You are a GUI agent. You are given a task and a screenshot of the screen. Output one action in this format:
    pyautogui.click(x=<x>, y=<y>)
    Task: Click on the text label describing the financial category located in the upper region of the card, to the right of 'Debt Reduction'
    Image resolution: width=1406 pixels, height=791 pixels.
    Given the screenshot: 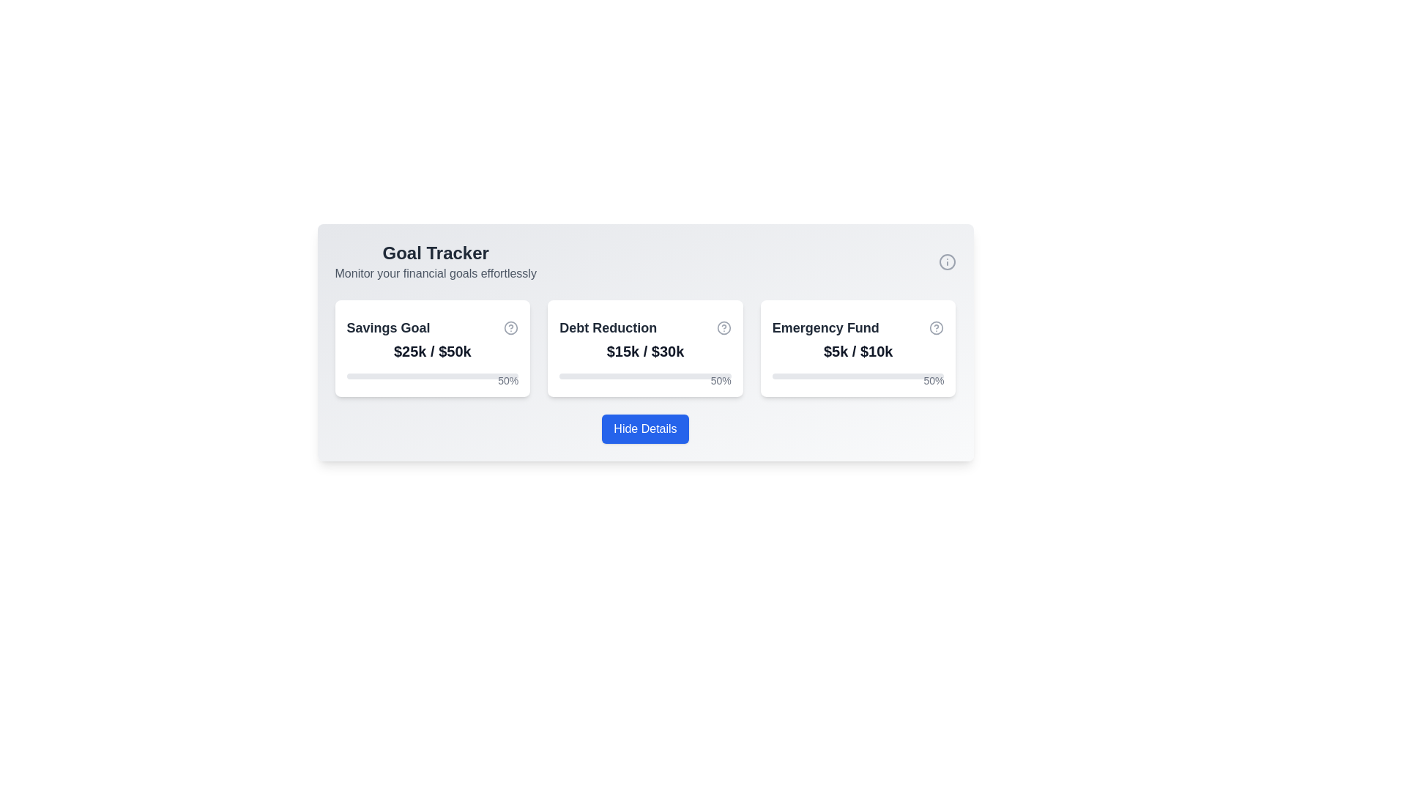 What is the action you would take?
    pyautogui.click(x=825, y=327)
    